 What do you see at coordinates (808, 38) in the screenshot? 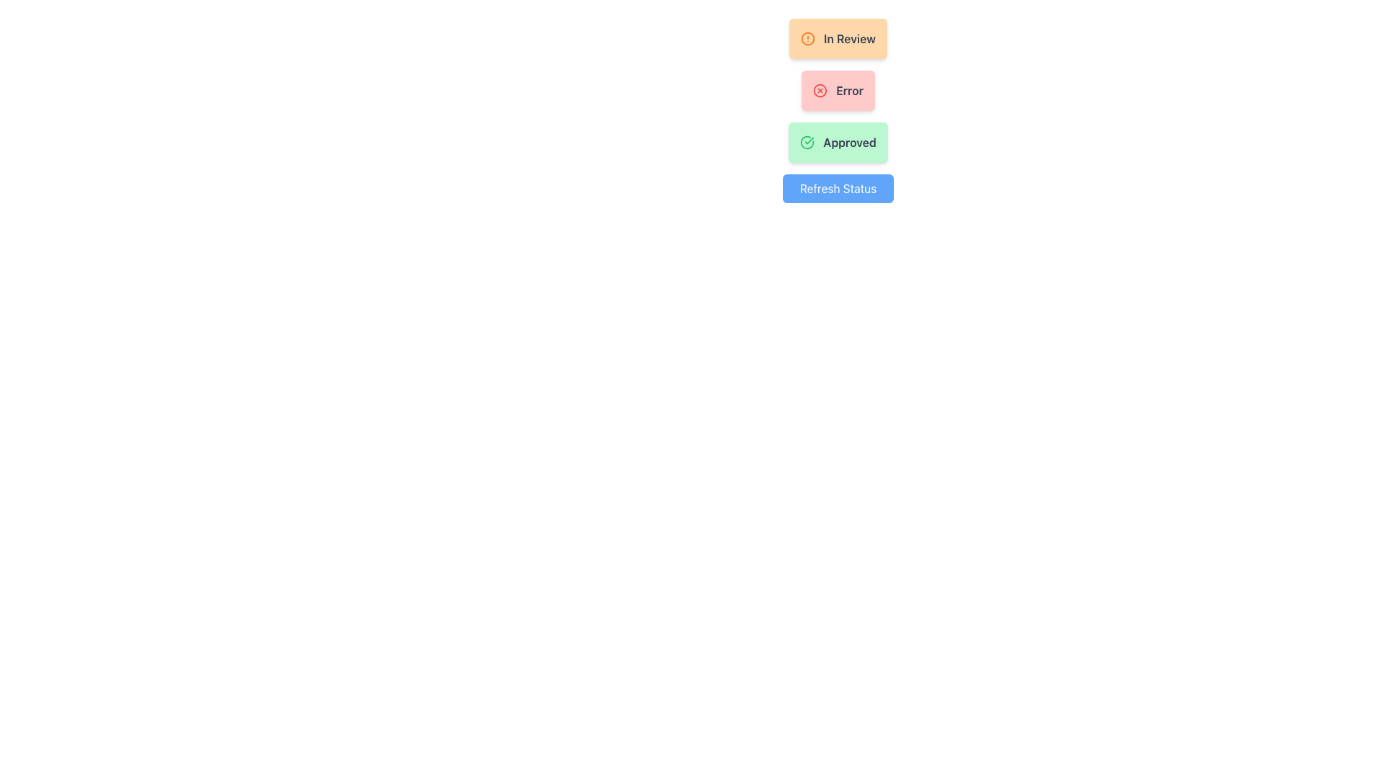
I see `the Icon component (Circle) with an orange border and white interior, located within the warning symbol button labeled 'In Review'` at bounding box center [808, 38].